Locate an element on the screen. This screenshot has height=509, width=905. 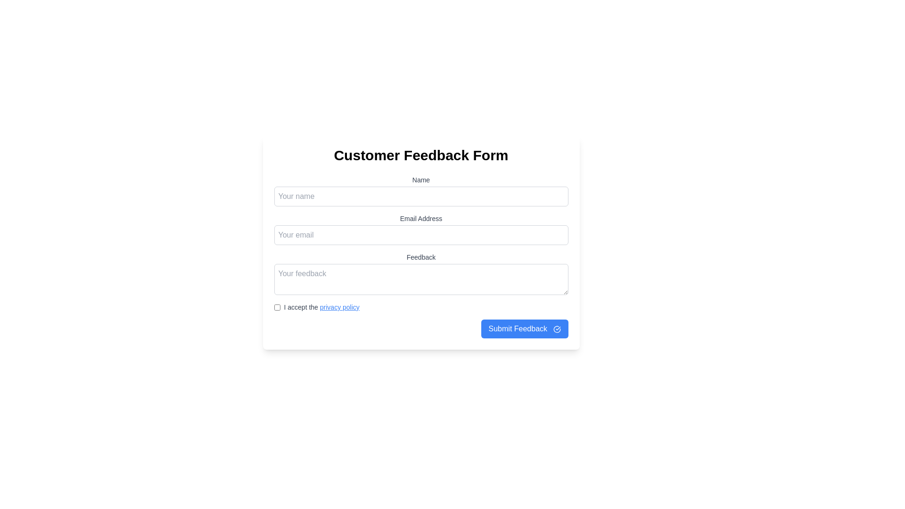
the hyperlink that directs the user to the privacy policy section, located to the right of the text 'I accept the' near the bottom of the form is located at coordinates (339, 307).